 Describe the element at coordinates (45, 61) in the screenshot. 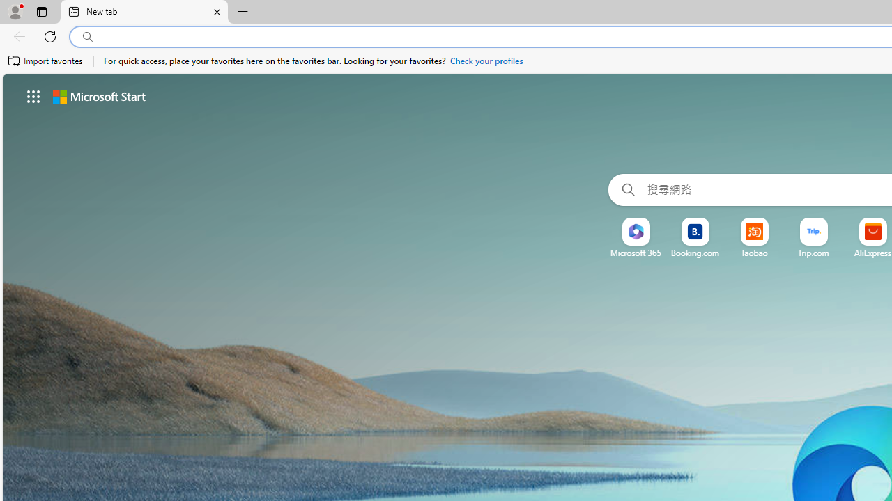

I see `'Import favorites'` at that location.